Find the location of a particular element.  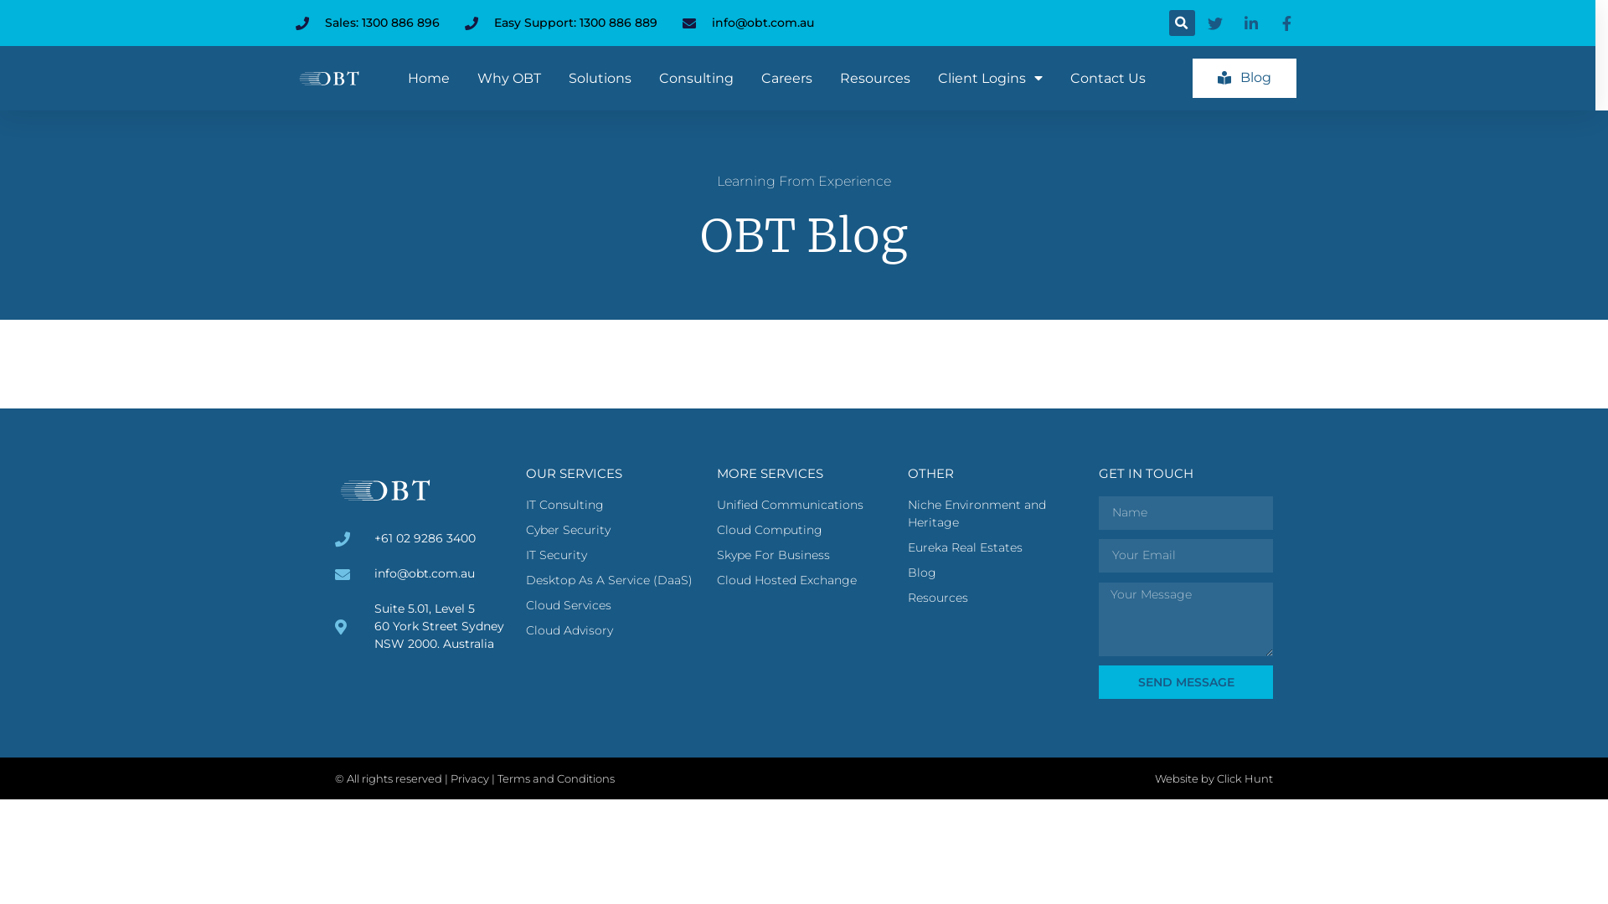

'Terms and Conditions' is located at coordinates (555, 778).